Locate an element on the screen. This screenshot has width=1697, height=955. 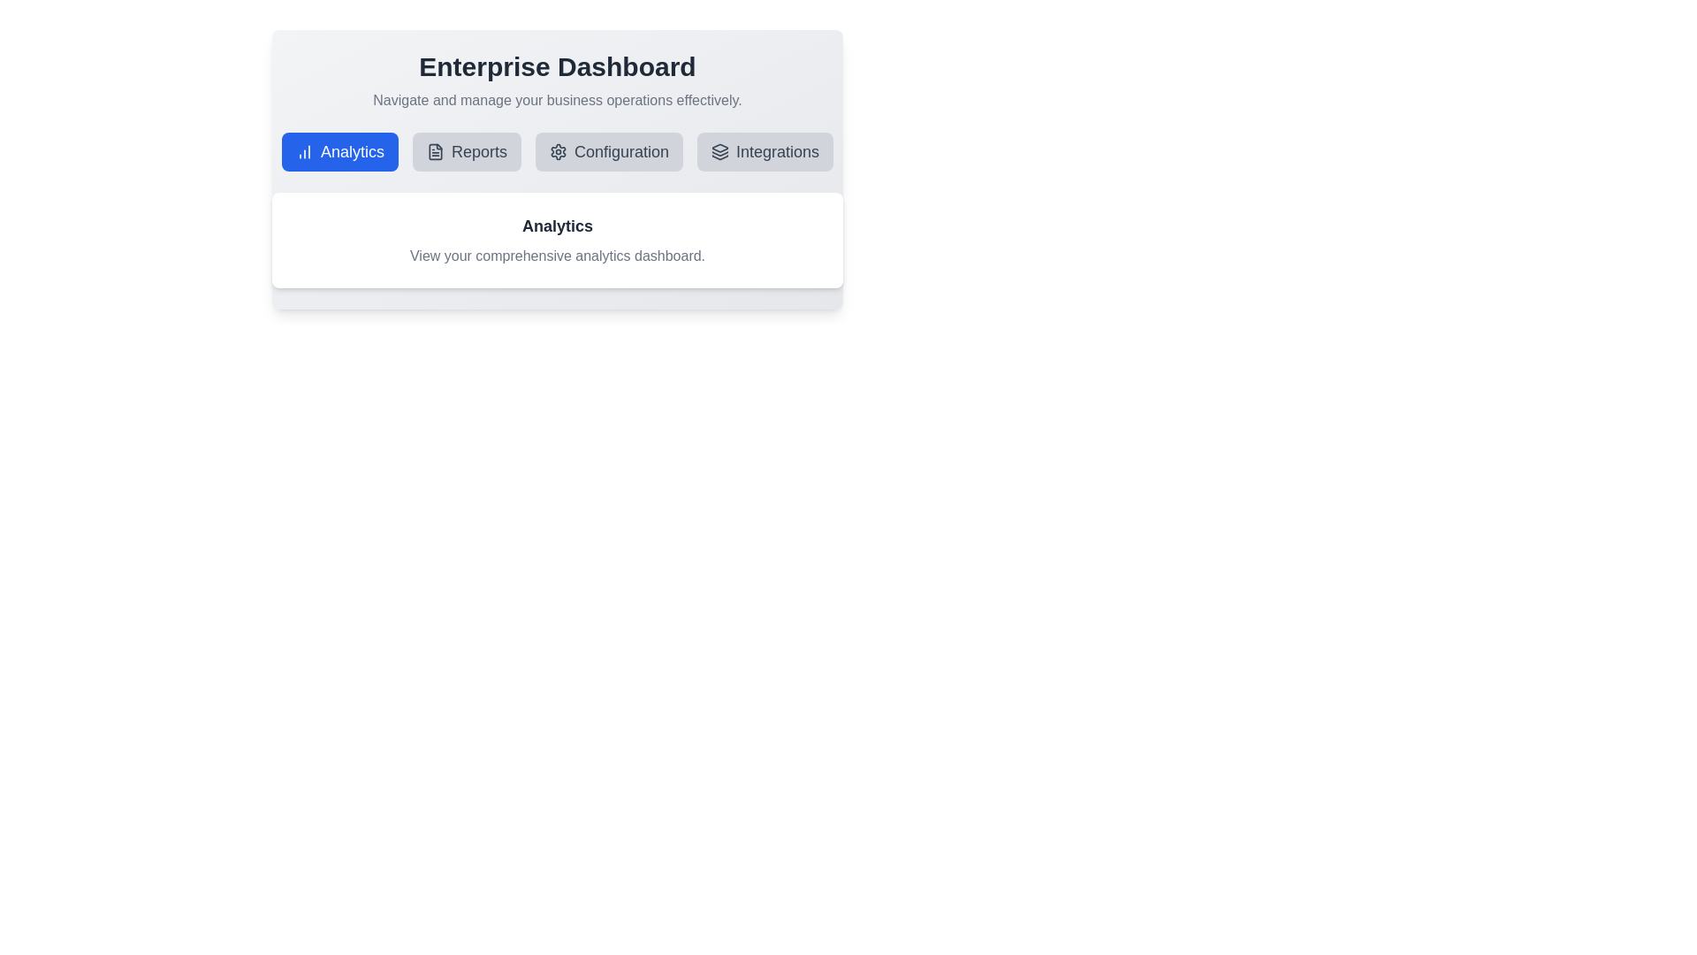
the tab labeled Reports is located at coordinates (467, 151).